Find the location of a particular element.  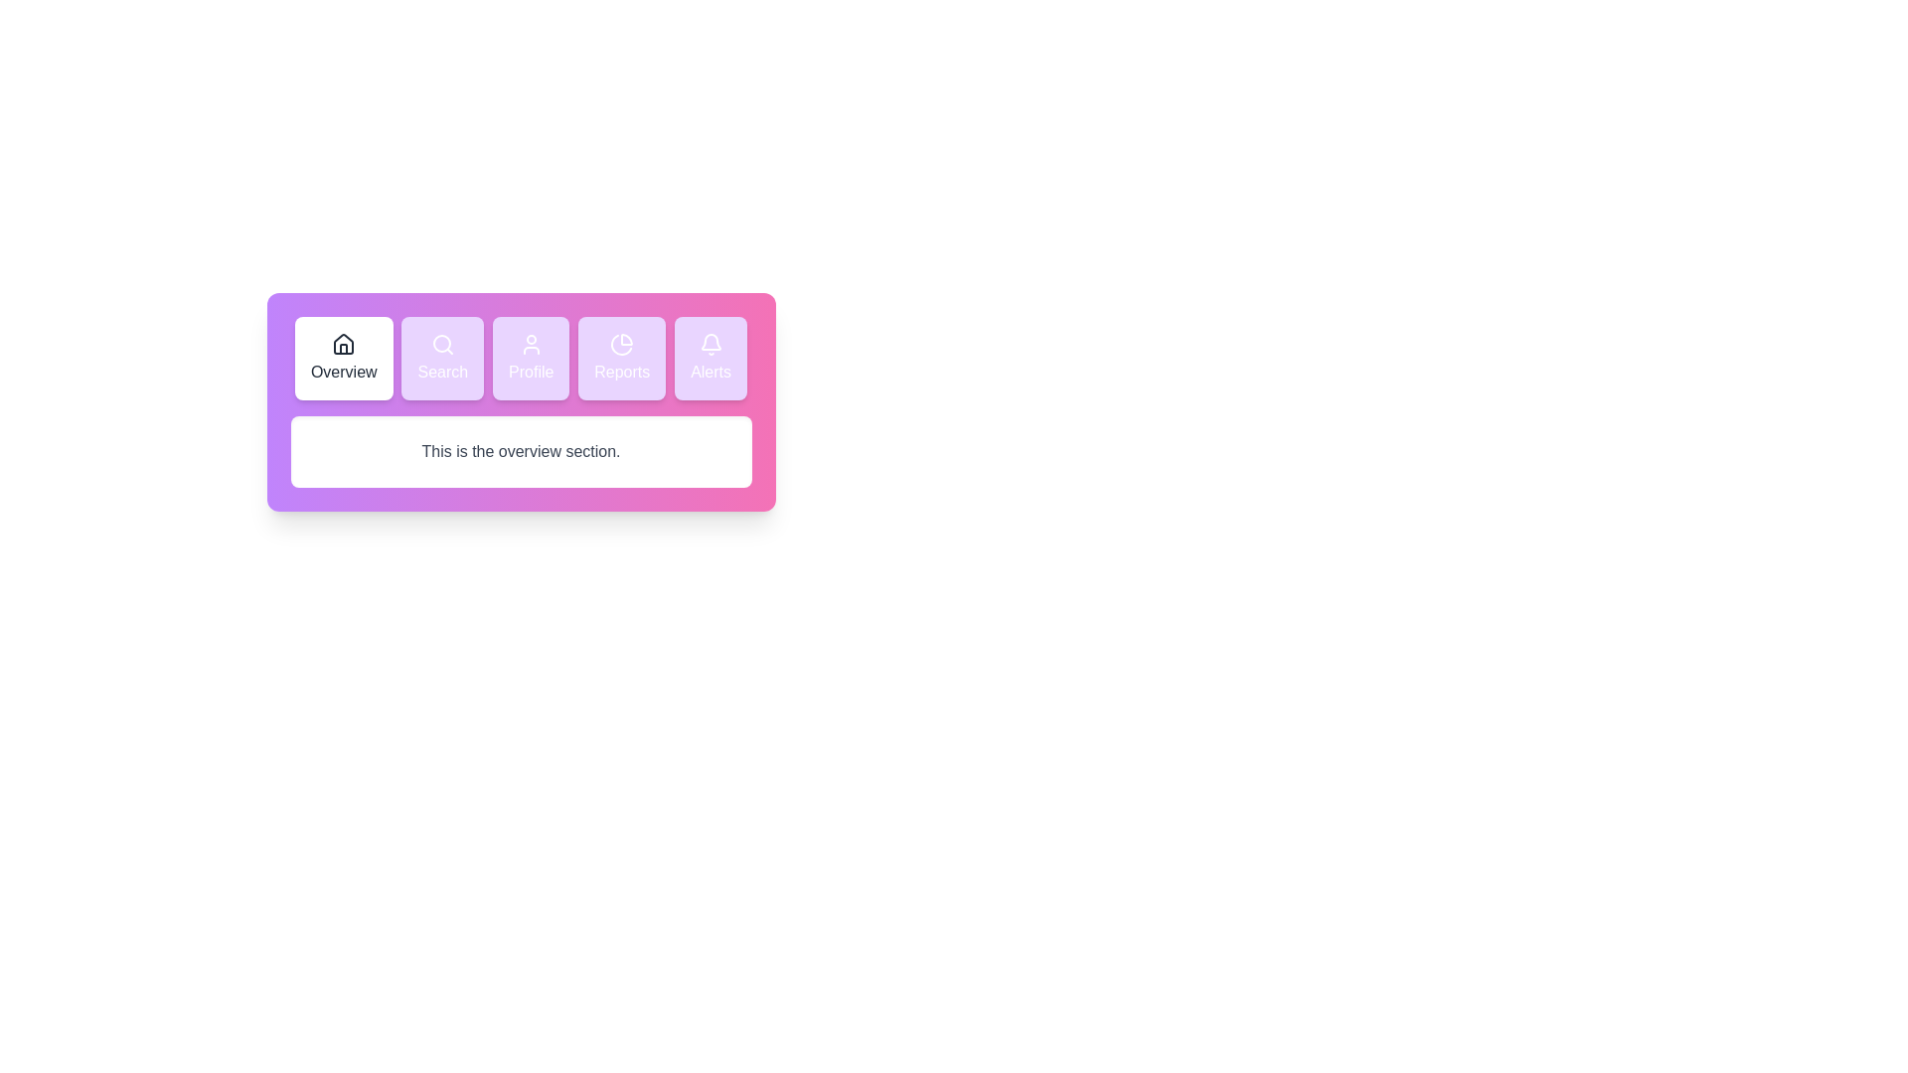

the 'Profile' text label, which is styled with a white font on a pastel purple background and is located in the navigation bar beneath a user silhouette icon is located at coordinates (531, 372).